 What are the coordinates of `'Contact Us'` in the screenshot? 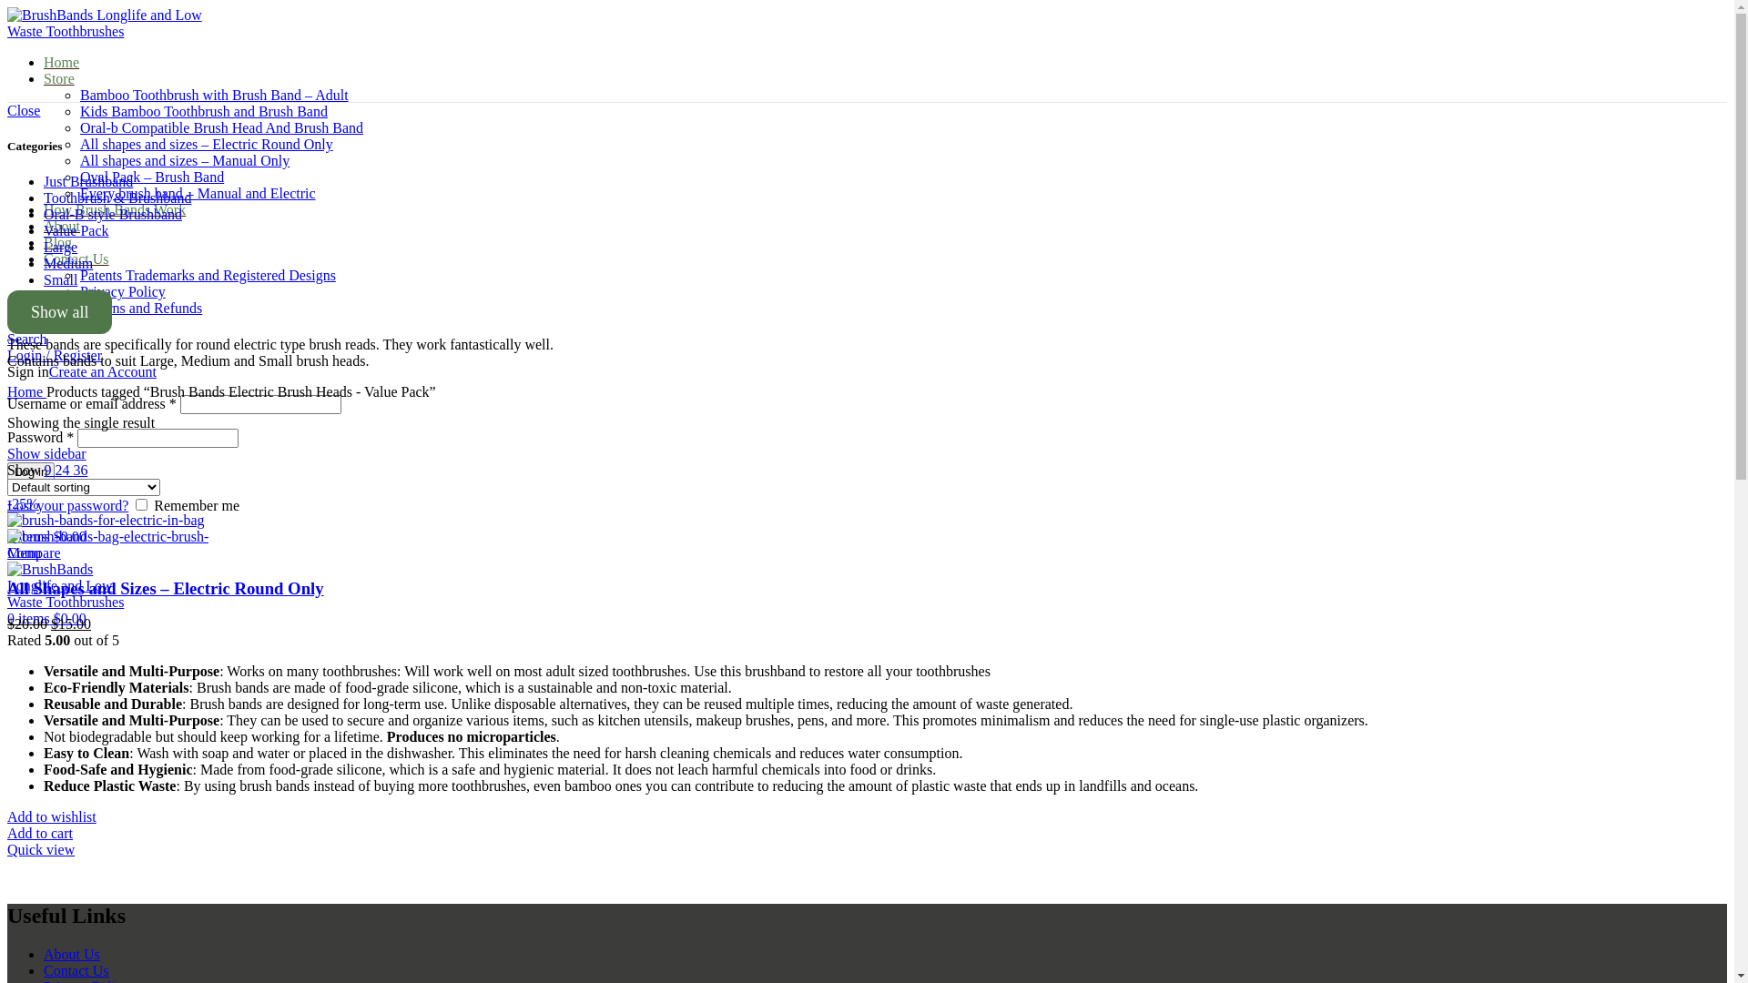 It's located at (44, 258).